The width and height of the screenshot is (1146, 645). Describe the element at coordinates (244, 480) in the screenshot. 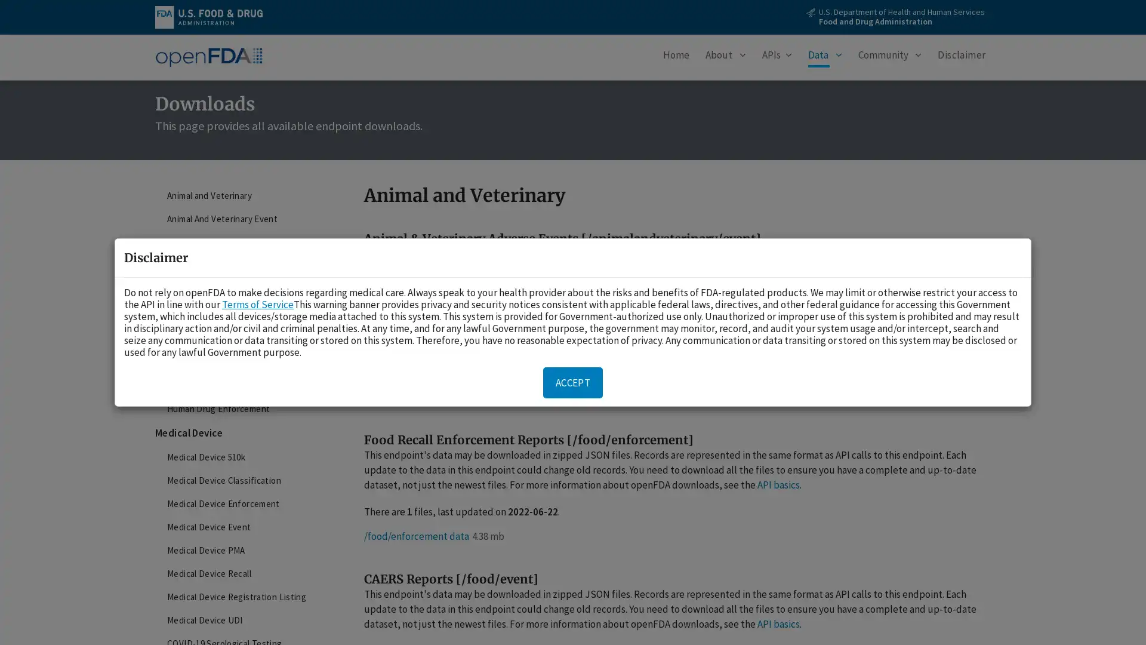

I see `Medical Device Classification` at that location.